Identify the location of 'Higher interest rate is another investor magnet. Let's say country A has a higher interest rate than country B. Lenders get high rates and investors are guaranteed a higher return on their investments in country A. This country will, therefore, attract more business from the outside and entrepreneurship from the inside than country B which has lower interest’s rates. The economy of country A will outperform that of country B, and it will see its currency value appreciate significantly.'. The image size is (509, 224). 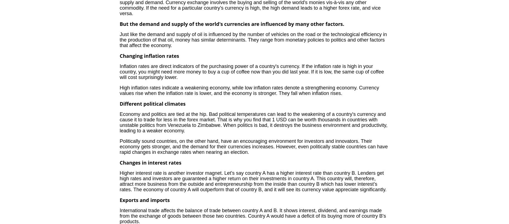
(253, 181).